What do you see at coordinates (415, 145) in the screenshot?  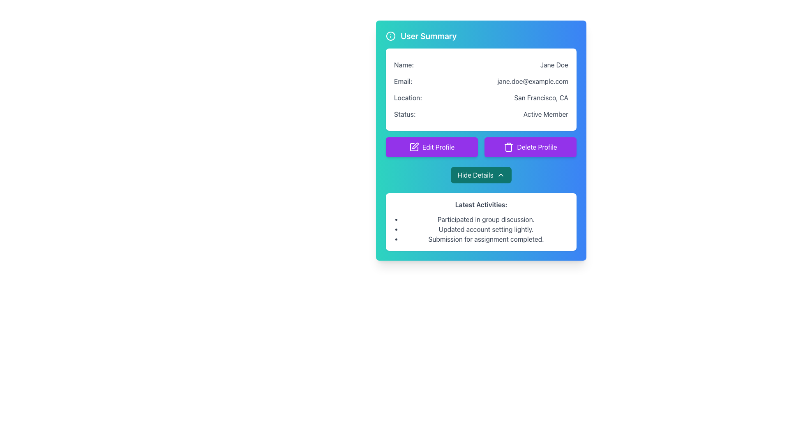 I see `the 'Edit' icon located in the top right corner of its containing box for accessibility navigation` at bounding box center [415, 145].